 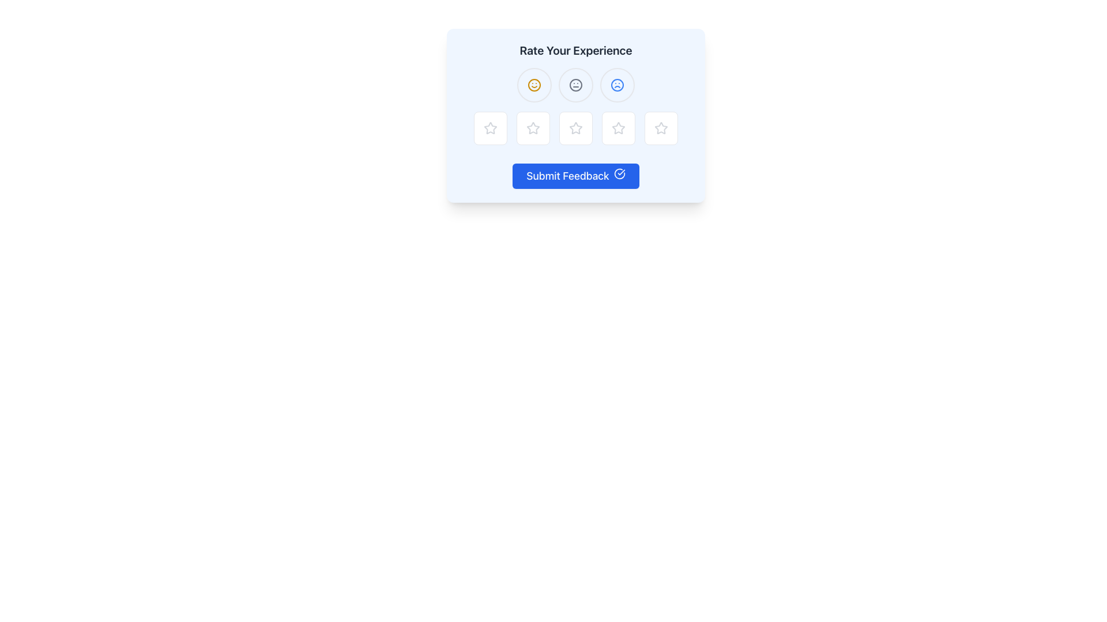 What do you see at coordinates (616, 84) in the screenshot?
I see `the frowning face icon, which is the third icon in a sequence of feedback icons at the top of the feedback card` at bounding box center [616, 84].